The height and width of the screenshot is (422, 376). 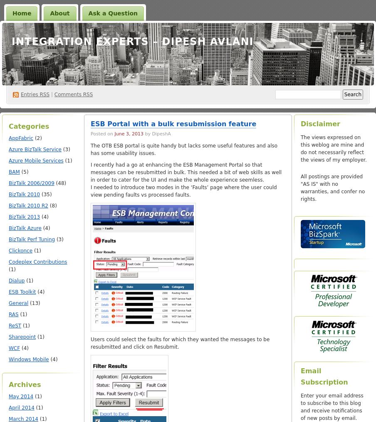 What do you see at coordinates (36, 160) in the screenshot?
I see `'Azure Mobile Services'` at bounding box center [36, 160].